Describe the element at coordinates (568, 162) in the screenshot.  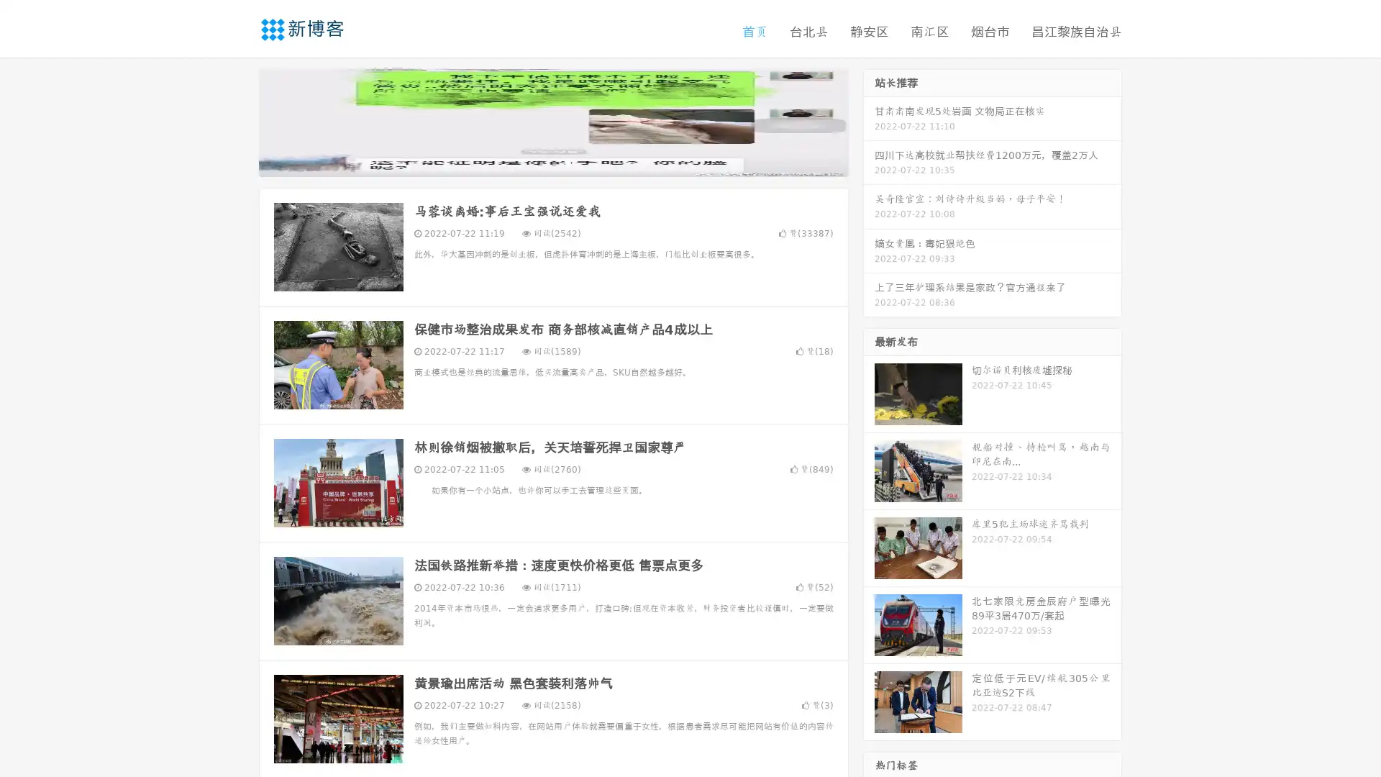
I see `Go to slide 3` at that location.